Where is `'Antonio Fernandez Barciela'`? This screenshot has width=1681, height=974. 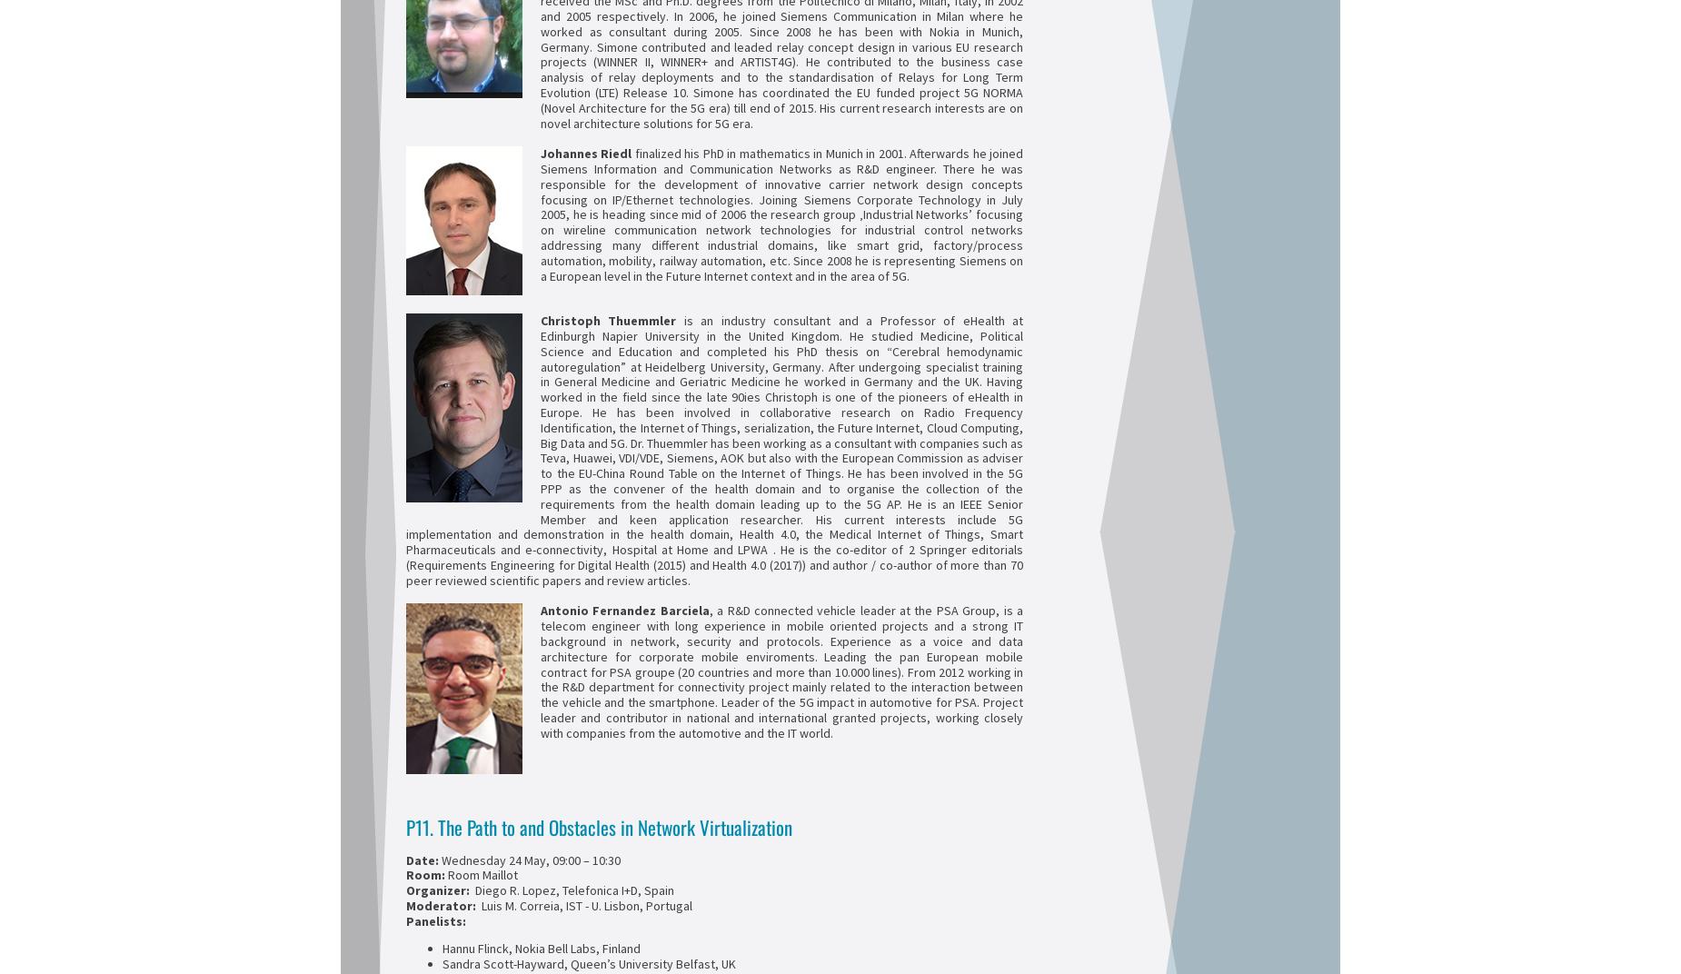
'Antonio Fernandez Barciela' is located at coordinates (624, 610).